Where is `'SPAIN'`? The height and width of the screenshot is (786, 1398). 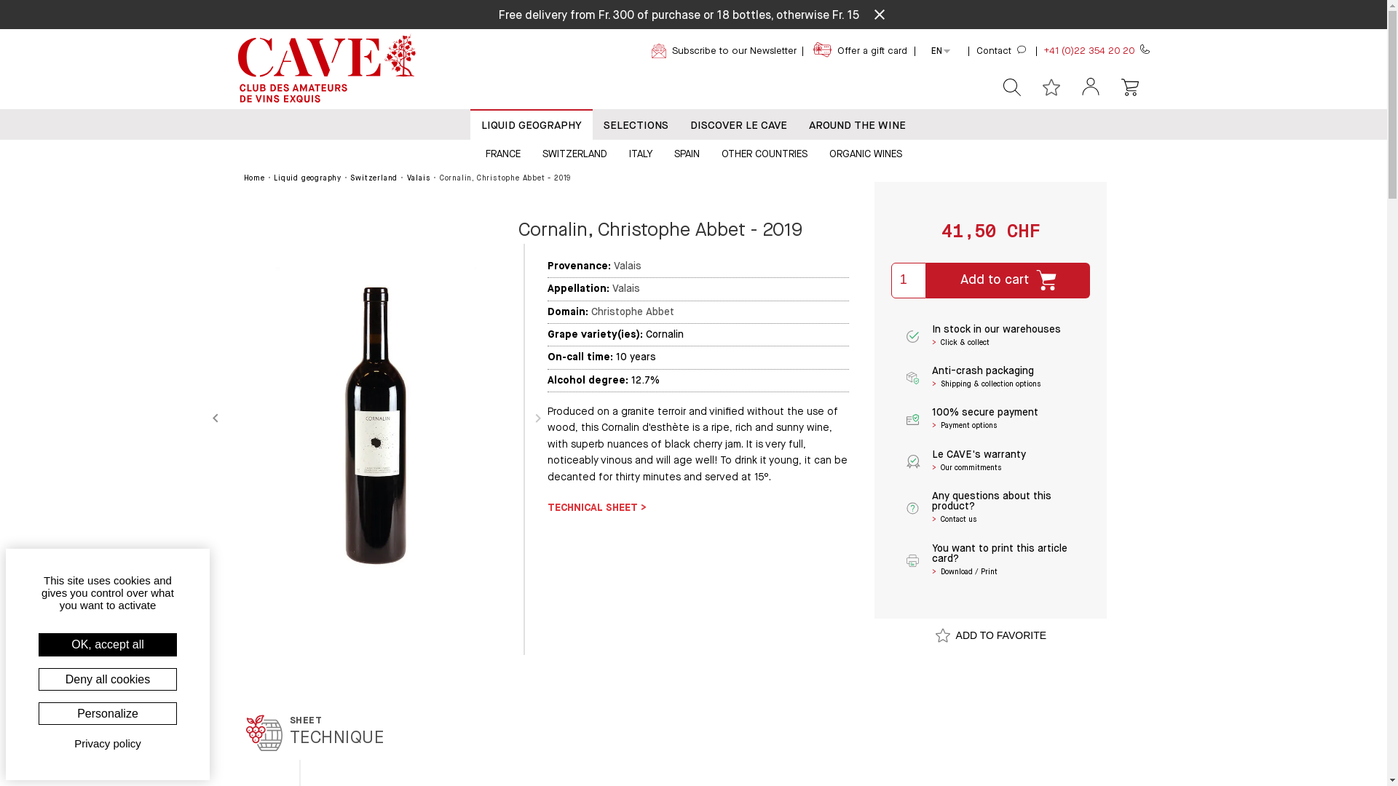
'SPAIN' is located at coordinates (685, 153).